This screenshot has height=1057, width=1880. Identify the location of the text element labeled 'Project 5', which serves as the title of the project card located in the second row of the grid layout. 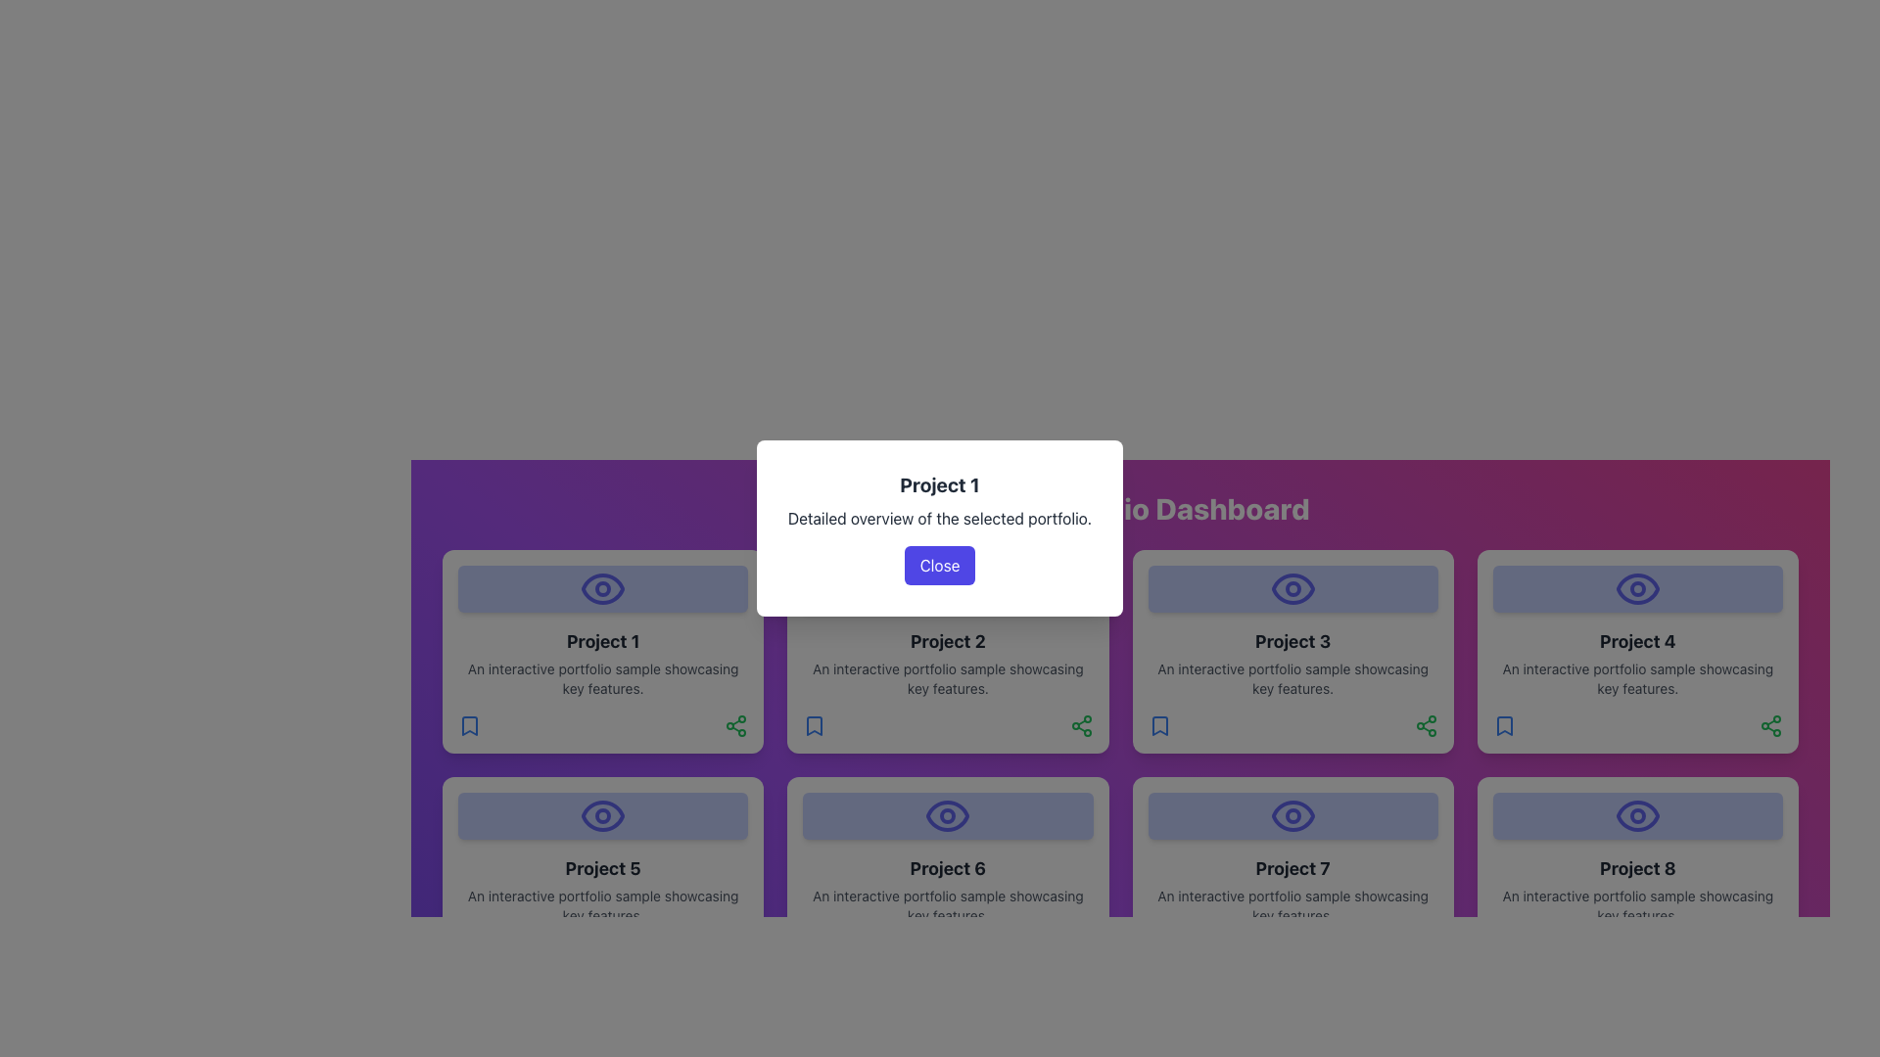
(602, 867).